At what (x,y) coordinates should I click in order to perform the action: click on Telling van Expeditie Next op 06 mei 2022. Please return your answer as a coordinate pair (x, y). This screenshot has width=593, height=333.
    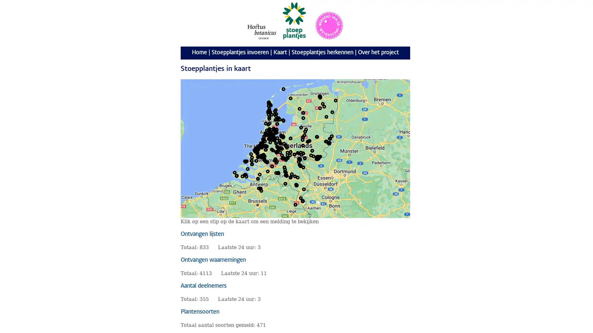
    Looking at the image, I should click on (290, 97).